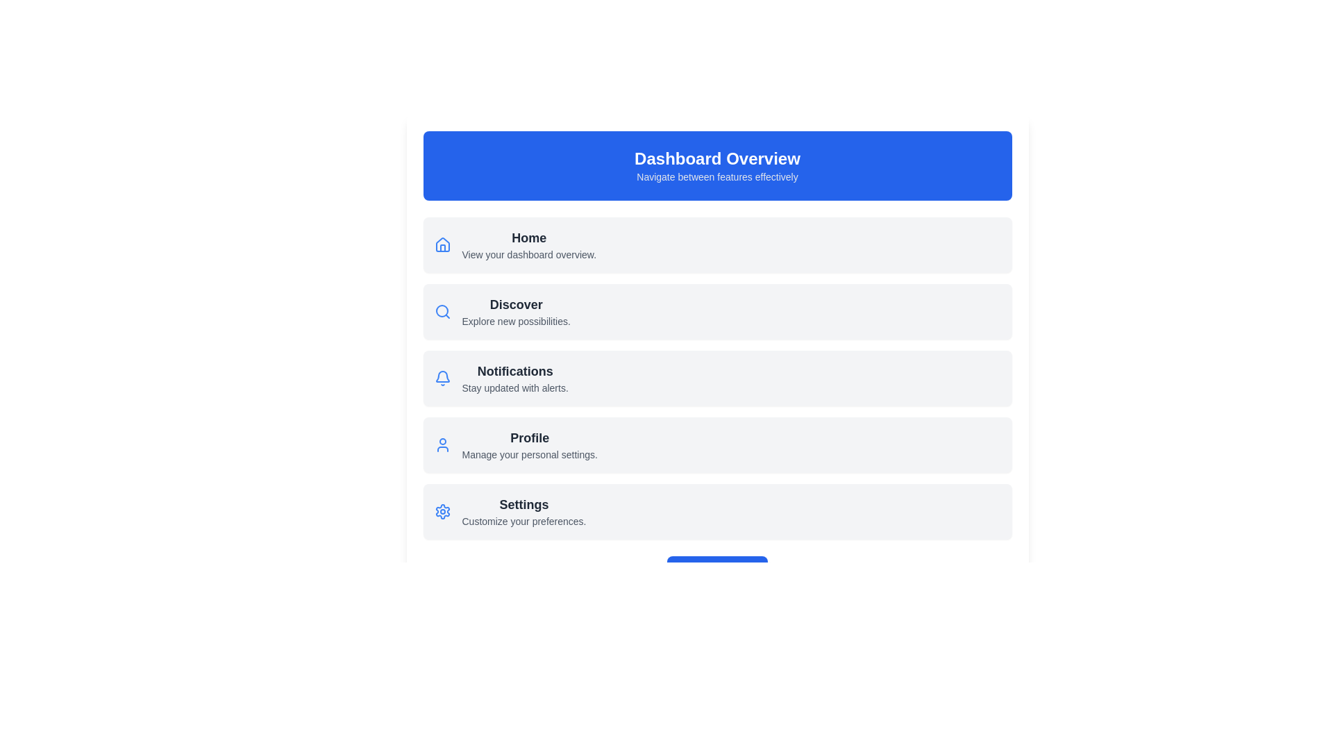 This screenshot has width=1333, height=750. Describe the element at coordinates (717, 444) in the screenshot. I see `the 'Profile' list item in the Dashboard Overview section` at that location.